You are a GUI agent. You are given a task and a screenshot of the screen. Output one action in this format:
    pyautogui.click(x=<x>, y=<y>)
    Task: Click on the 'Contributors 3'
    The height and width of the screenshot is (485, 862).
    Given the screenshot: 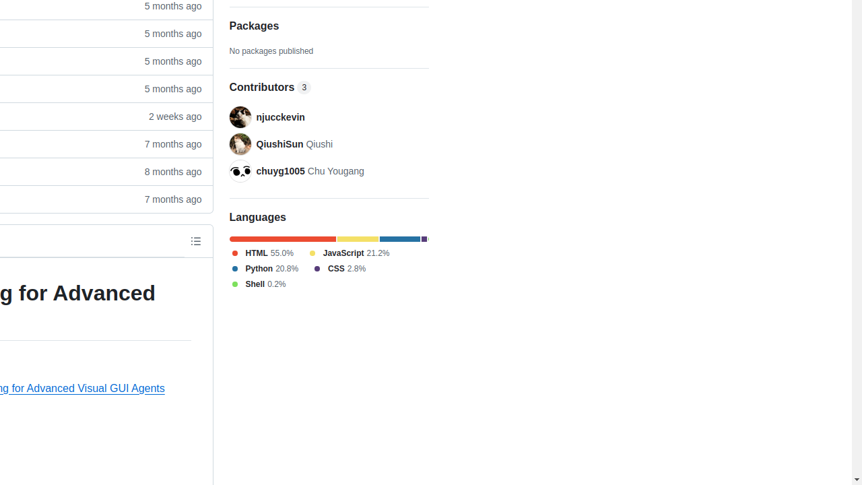 What is the action you would take?
    pyautogui.click(x=329, y=88)
    